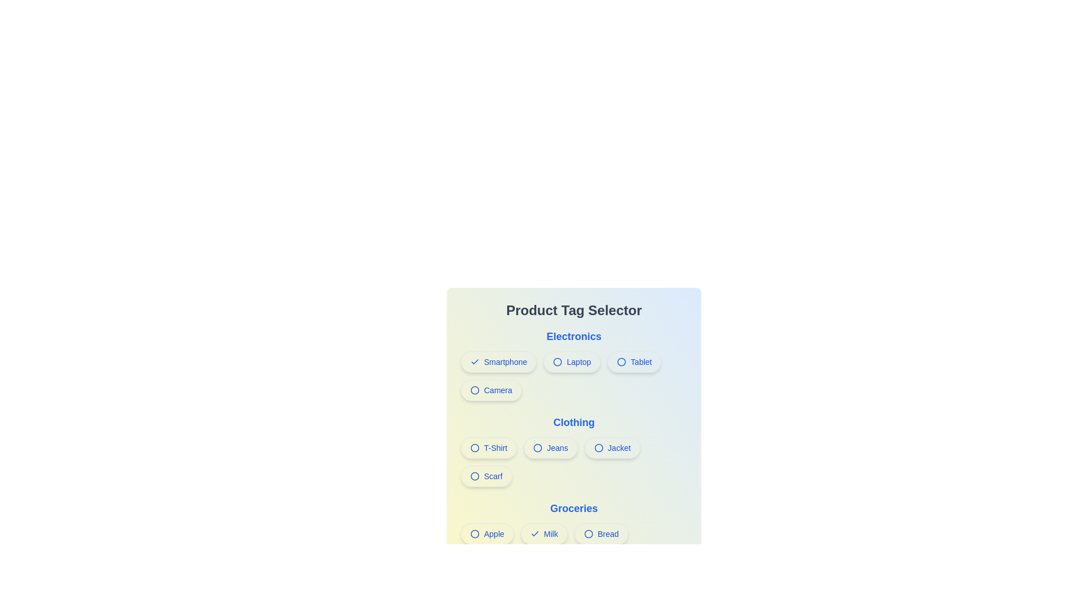 The image size is (1087, 611). I want to click on the radio button for the 'Jeans' option under the 'Clothing' category, so click(537, 447).